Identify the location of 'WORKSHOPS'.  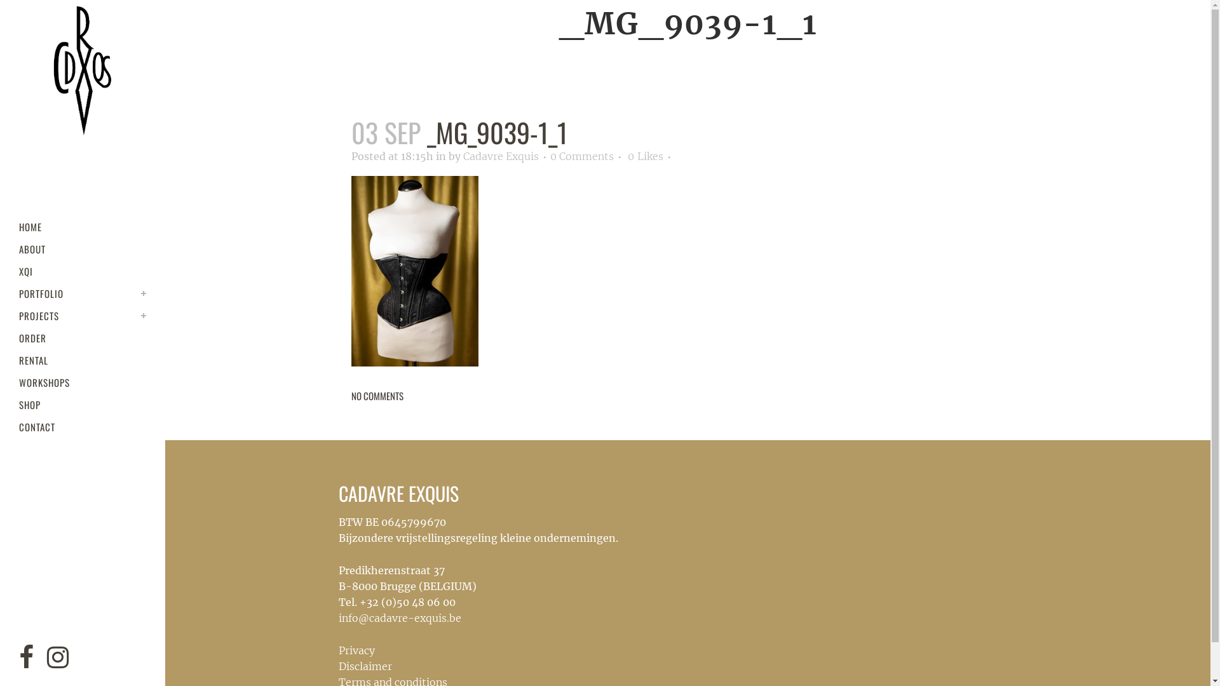
(81, 382).